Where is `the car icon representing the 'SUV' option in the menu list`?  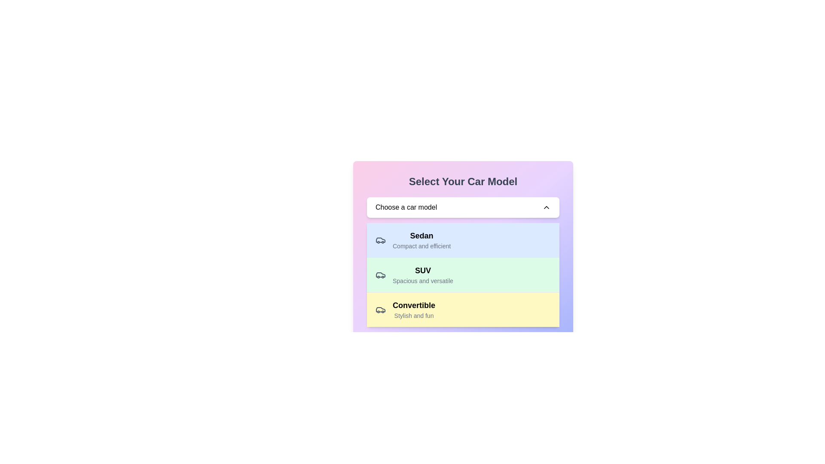
the car icon representing the 'SUV' option in the menu list is located at coordinates (380, 240).